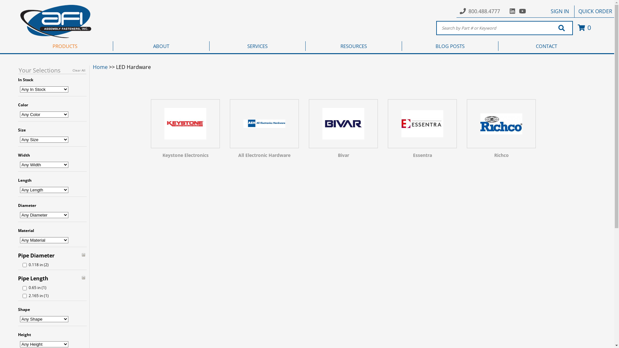 Image resolution: width=619 pixels, height=348 pixels. What do you see at coordinates (25, 296) in the screenshot?
I see `'2@@2e165 in'` at bounding box center [25, 296].